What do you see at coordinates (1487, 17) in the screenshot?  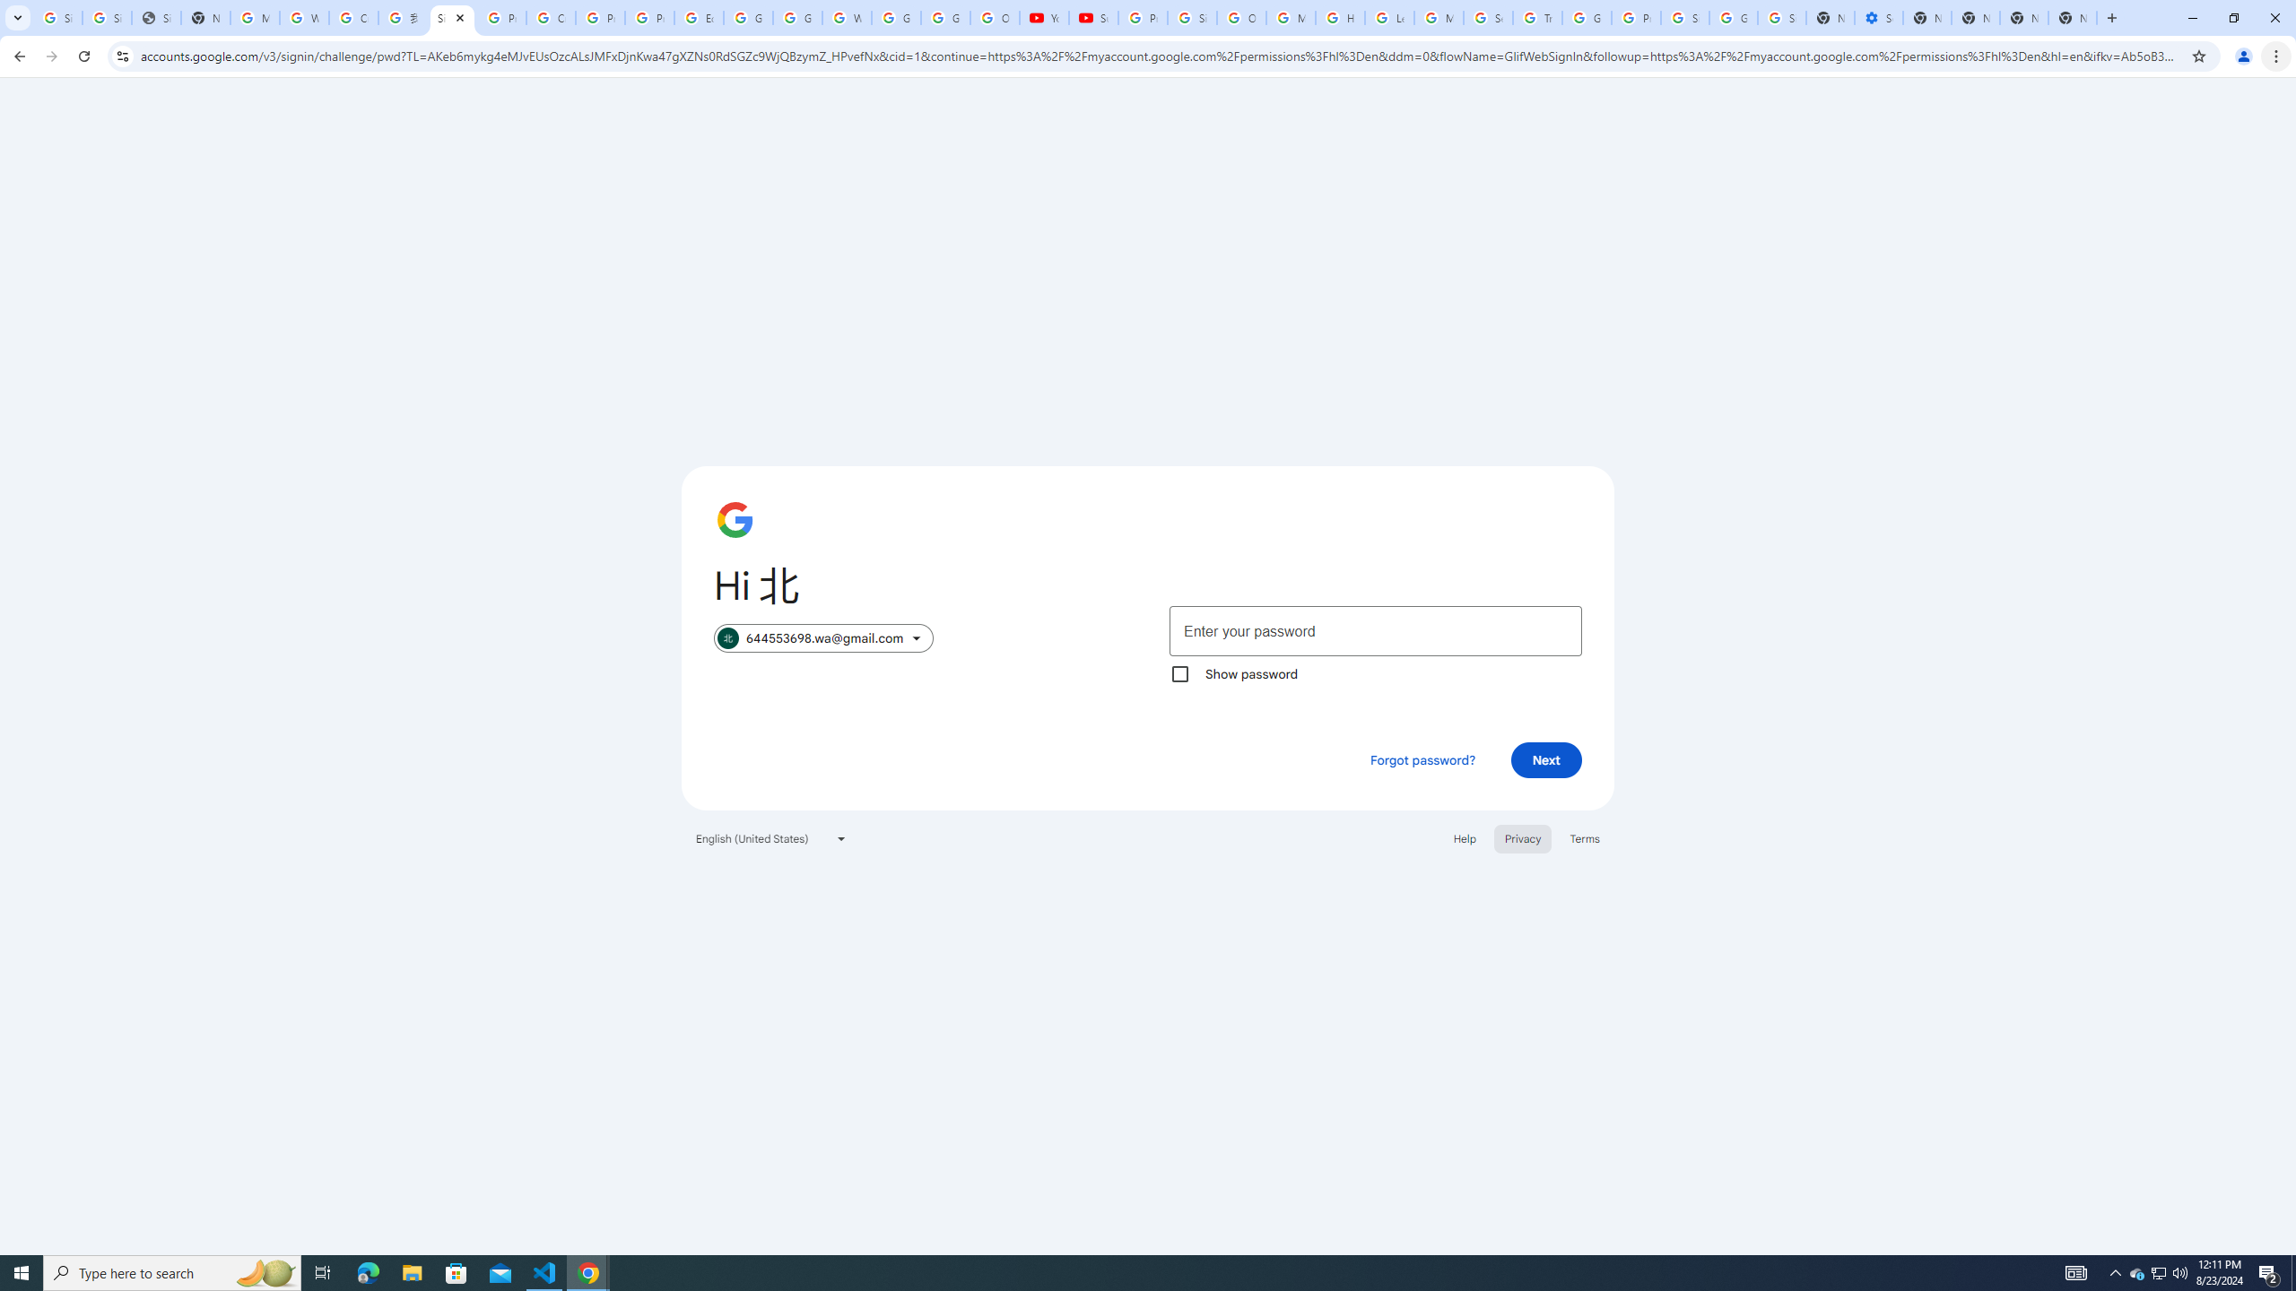 I see `'Search our Doodle Library Collection - Google Doodles'` at bounding box center [1487, 17].